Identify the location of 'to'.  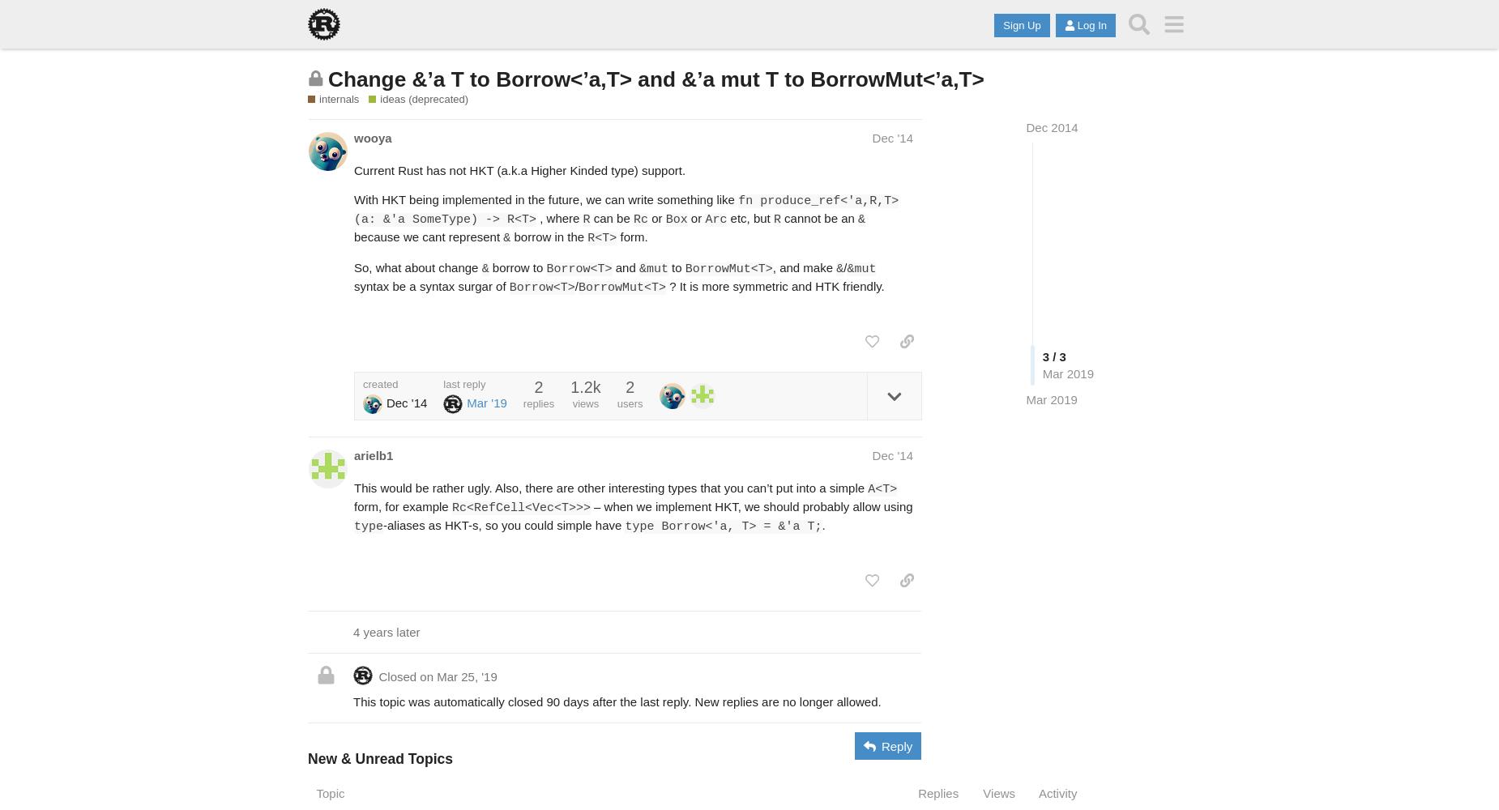
(676, 266).